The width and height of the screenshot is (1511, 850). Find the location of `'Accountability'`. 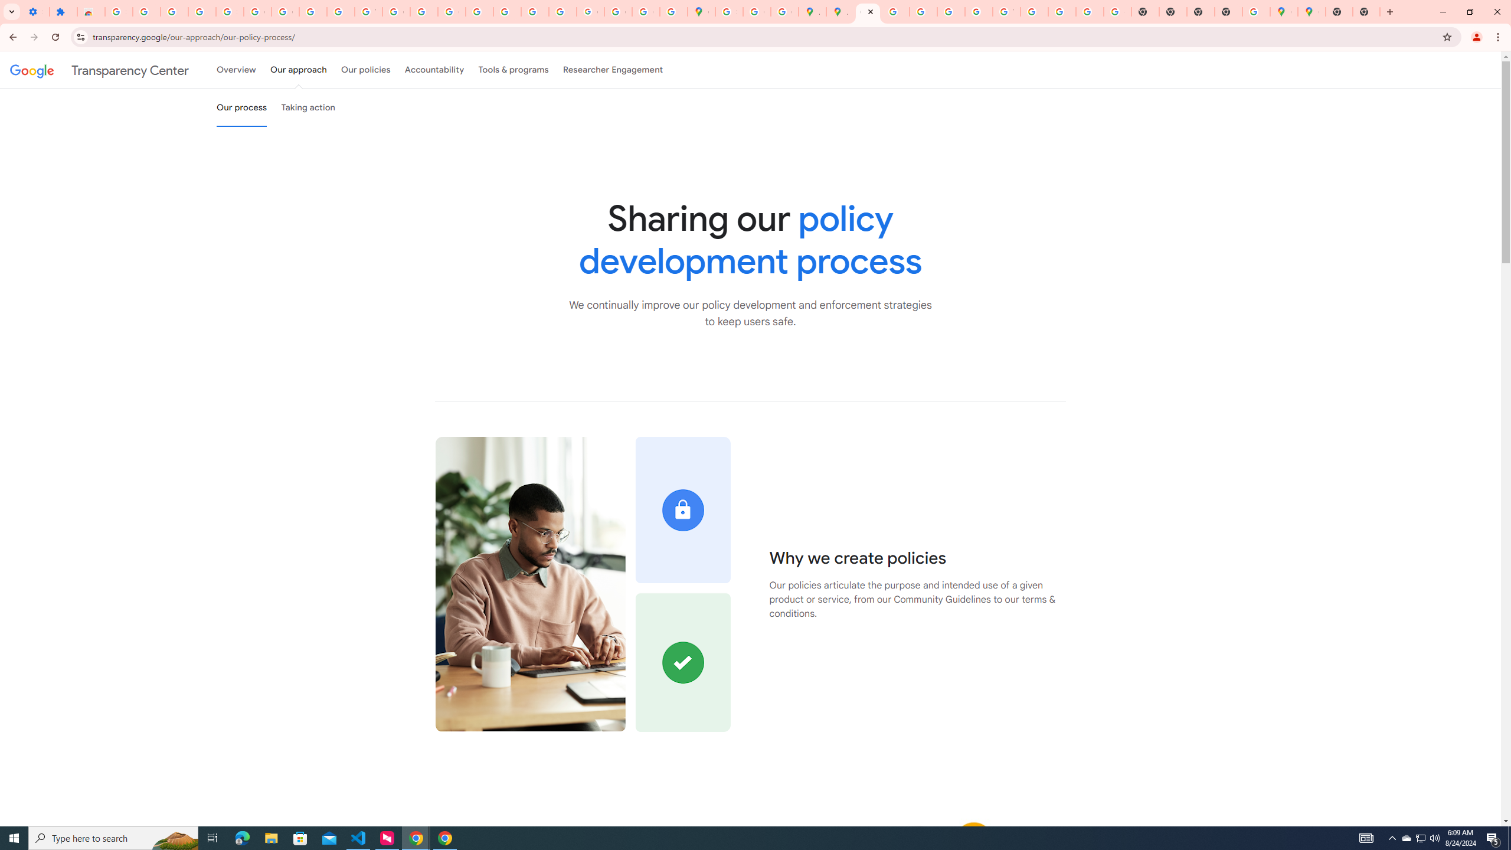

'Accountability' is located at coordinates (434, 70).